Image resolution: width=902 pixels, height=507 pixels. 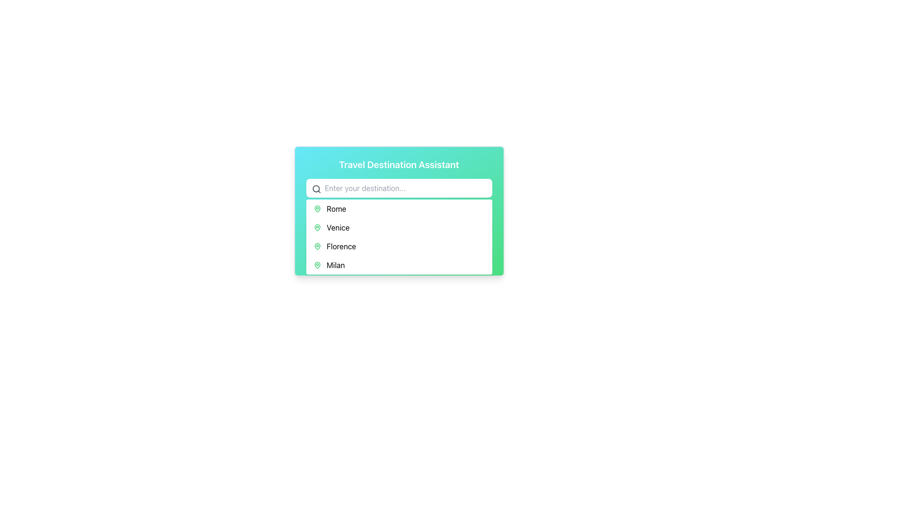 What do you see at coordinates (317, 208) in the screenshot?
I see `the green map-pin icon representing a location marker, which is located to the left of the text 'Rome' in the dropdown list under 'Travel Destination Assistant'` at bounding box center [317, 208].